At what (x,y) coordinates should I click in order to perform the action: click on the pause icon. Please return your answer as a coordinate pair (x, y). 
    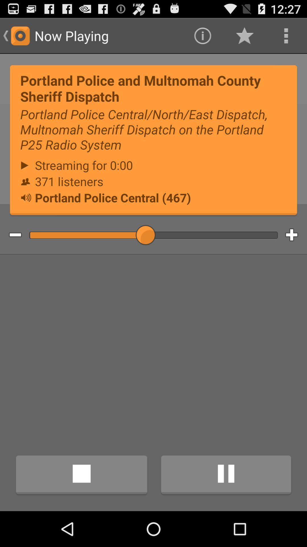
    Looking at the image, I should click on (226, 509).